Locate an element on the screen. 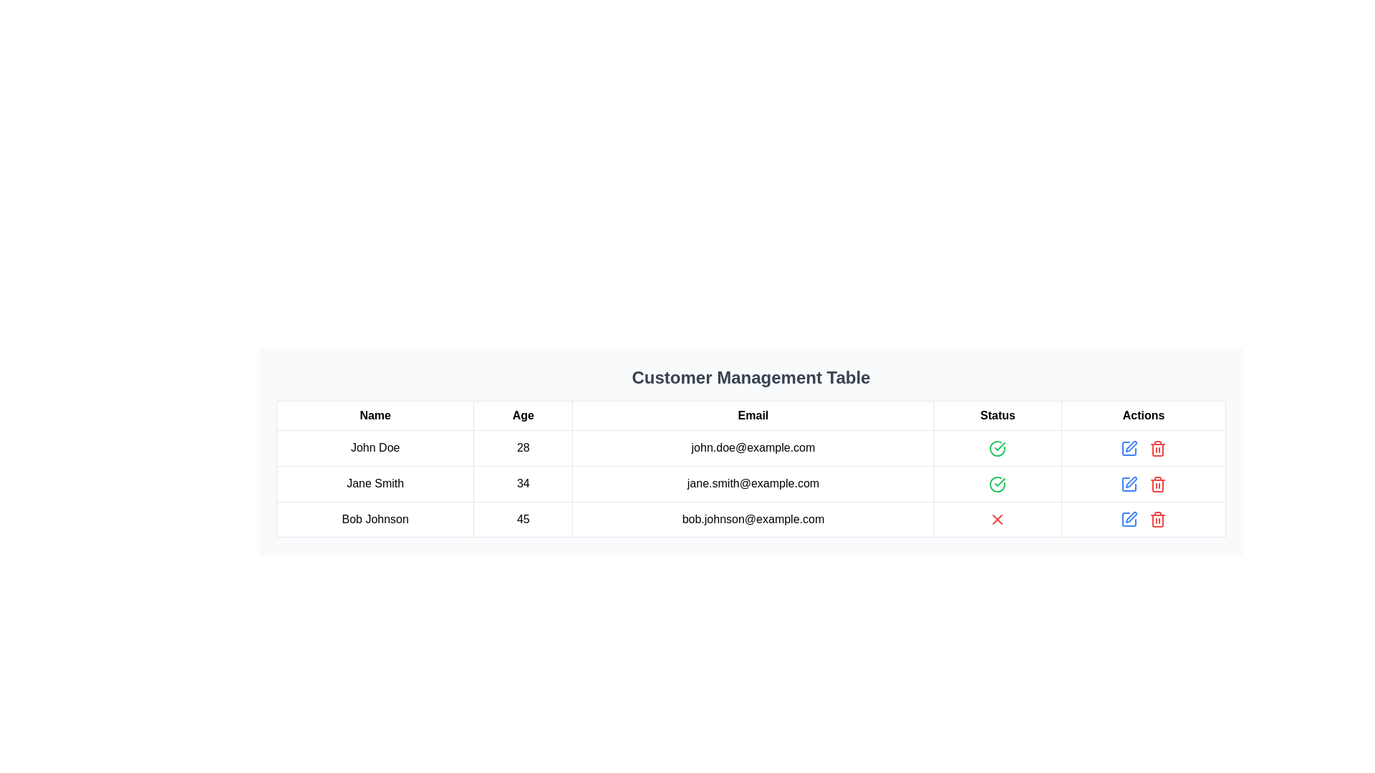 The width and height of the screenshot is (1375, 773). the red 'X' status icon in the 'Status' column of the 'Customer Management Table' for the entry of 'Bob Johnson' is located at coordinates (997, 519).